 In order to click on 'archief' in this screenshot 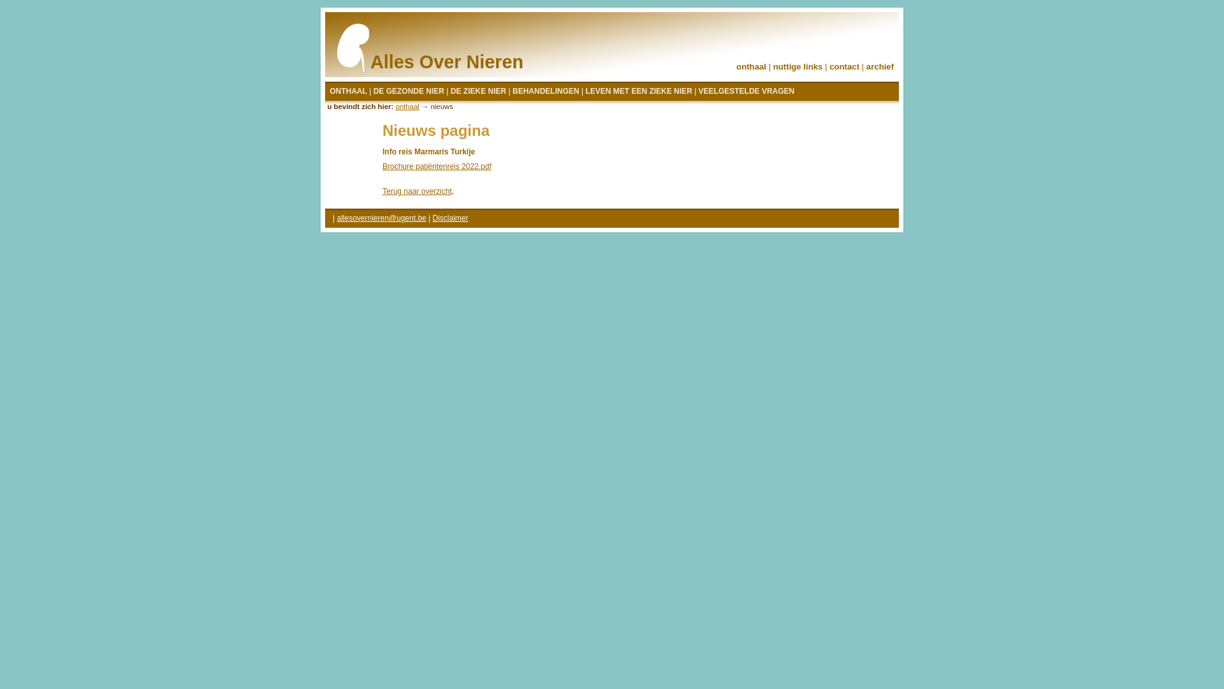, I will do `click(866, 66)`.